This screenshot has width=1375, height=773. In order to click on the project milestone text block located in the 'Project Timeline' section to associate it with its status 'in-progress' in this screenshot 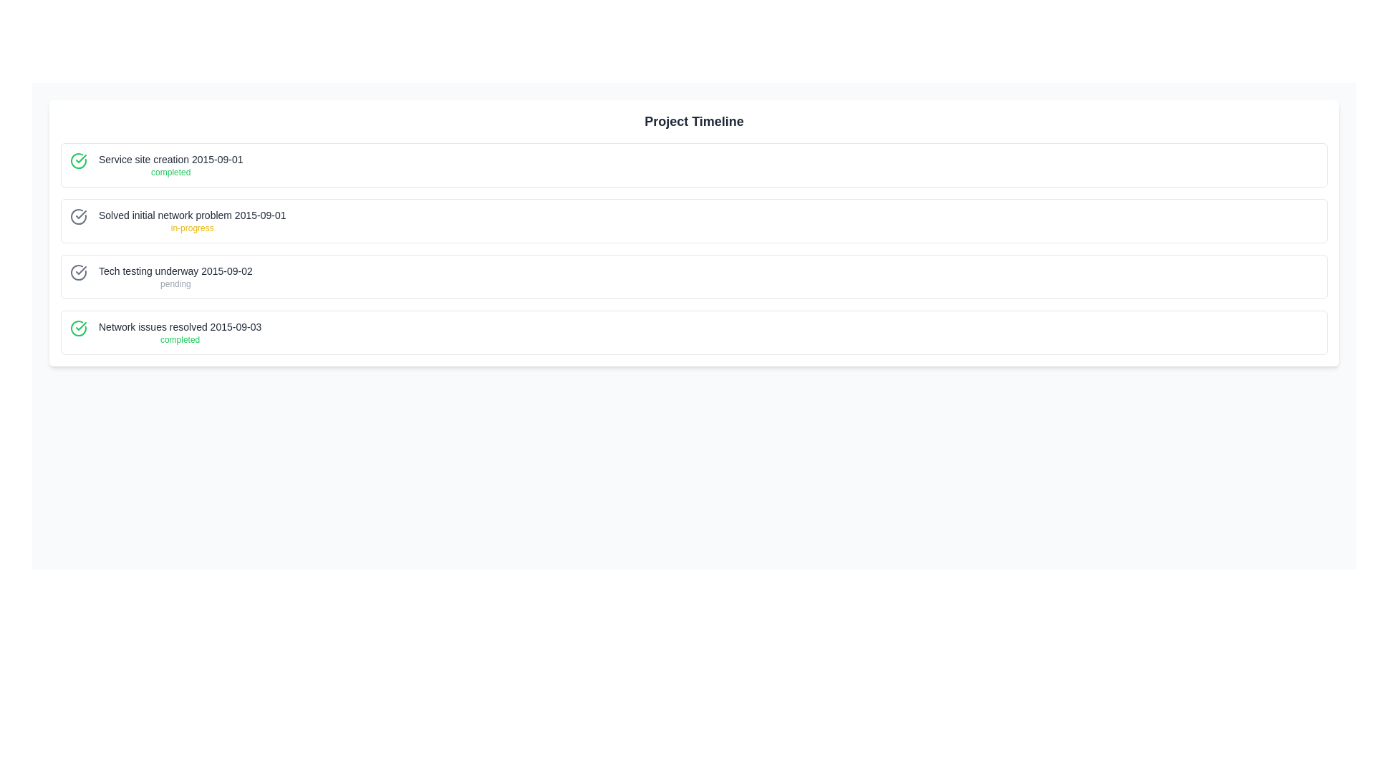, I will do `click(191, 220)`.